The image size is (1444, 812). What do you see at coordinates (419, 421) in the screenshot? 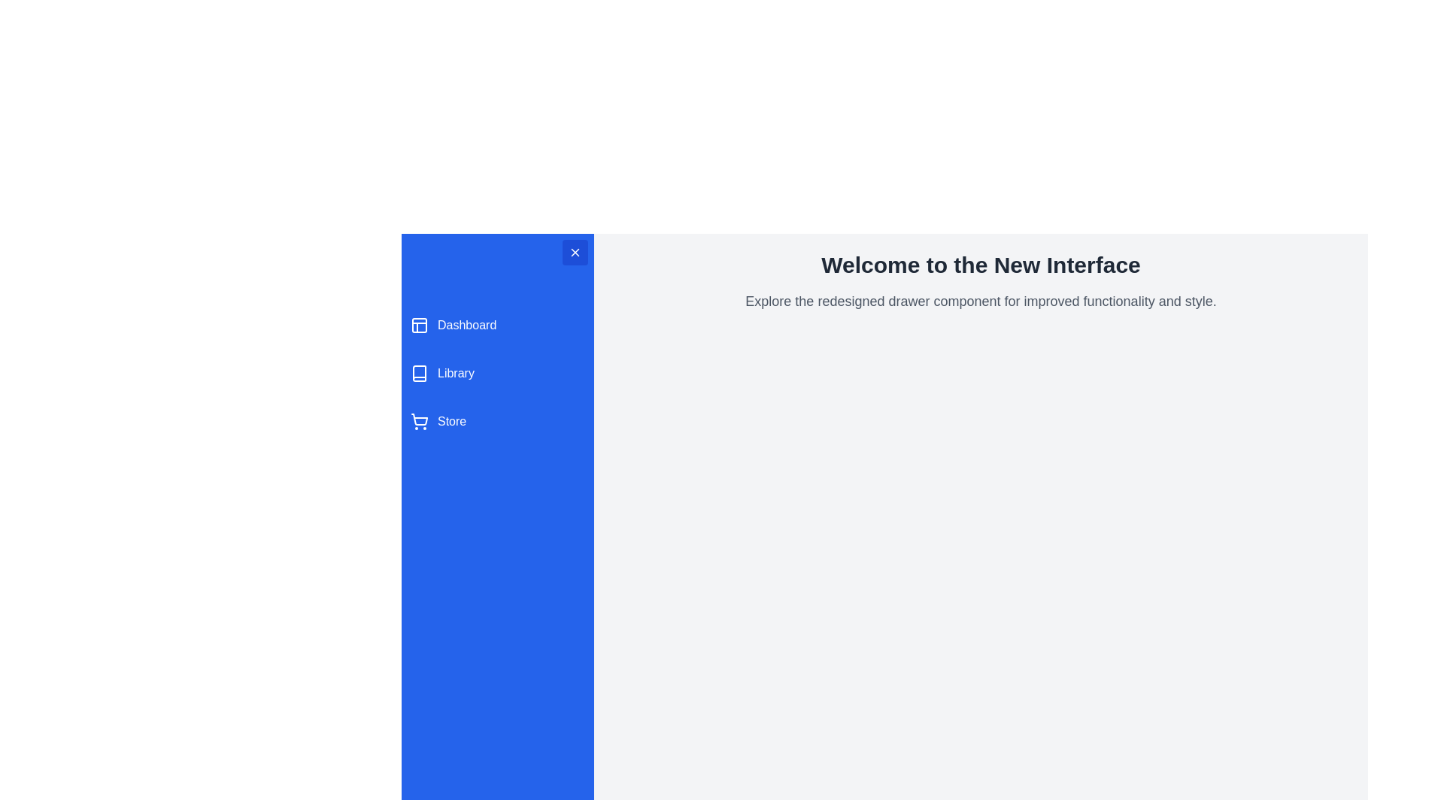
I see `the shopping cart icon, which is styled with a minimalist outline in white against a blue background, located within the 'Store' button on the left-side navigation menu` at bounding box center [419, 421].